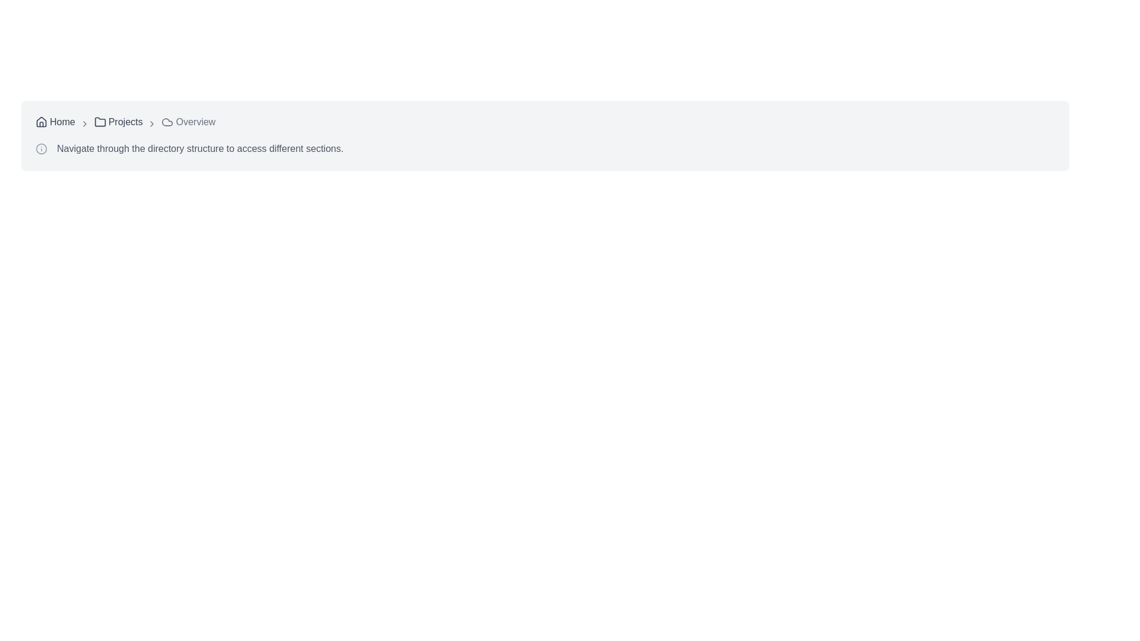 This screenshot has width=1140, height=641. Describe the element at coordinates (100, 122) in the screenshot. I see `the folder icon located in the breadcrumb navigation bar` at that location.